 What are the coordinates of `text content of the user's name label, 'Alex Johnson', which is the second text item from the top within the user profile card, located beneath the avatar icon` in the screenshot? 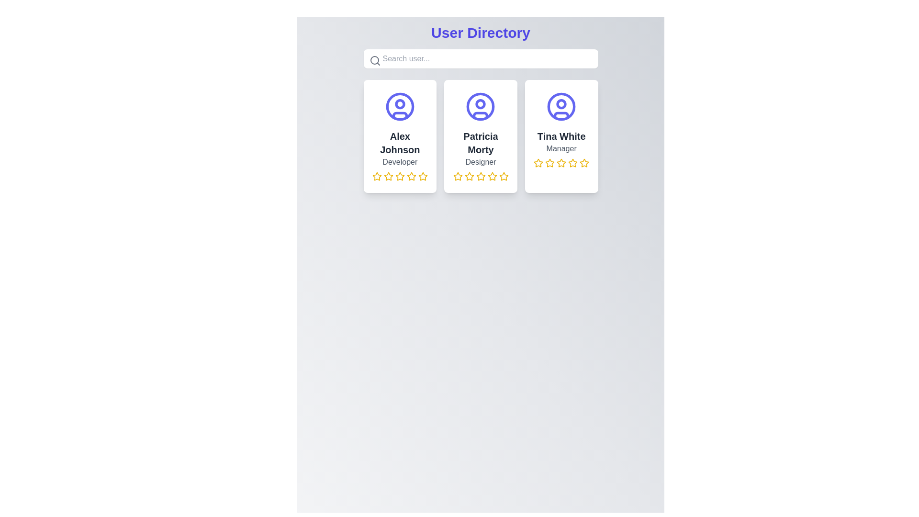 It's located at (400, 143).